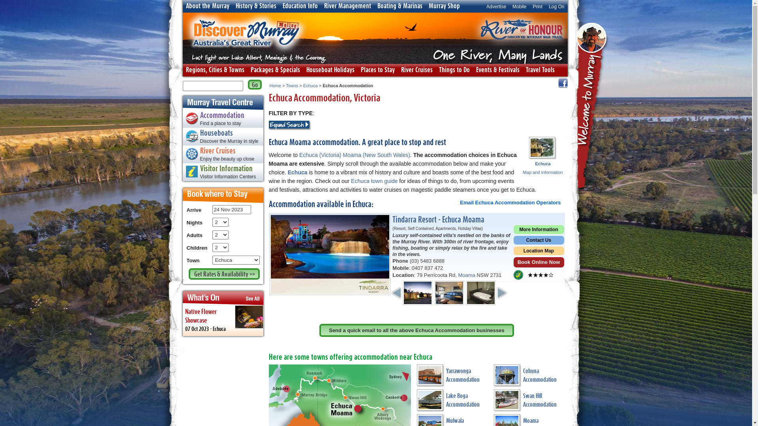  Describe the element at coordinates (400, 6) in the screenshot. I see `'Boating & Marinas'` at that location.